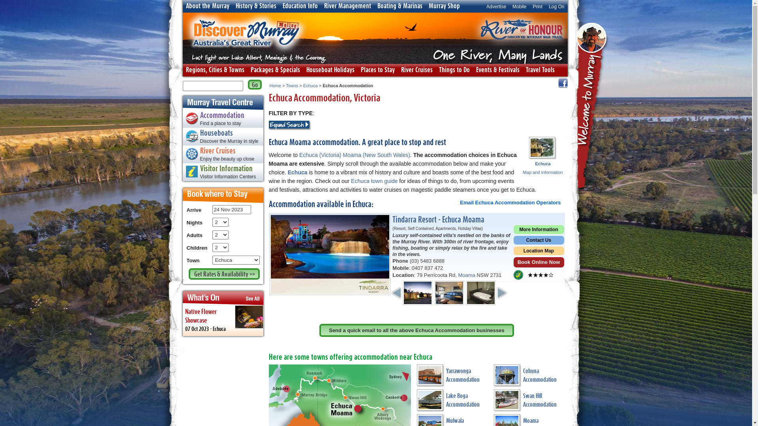  Describe the element at coordinates (400, 6) in the screenshot. I see `'Boating & Marinas'` at that location.